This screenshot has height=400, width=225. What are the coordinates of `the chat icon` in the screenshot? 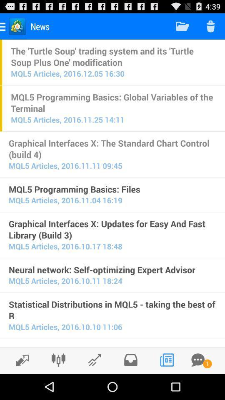 It's located at (197, 385).